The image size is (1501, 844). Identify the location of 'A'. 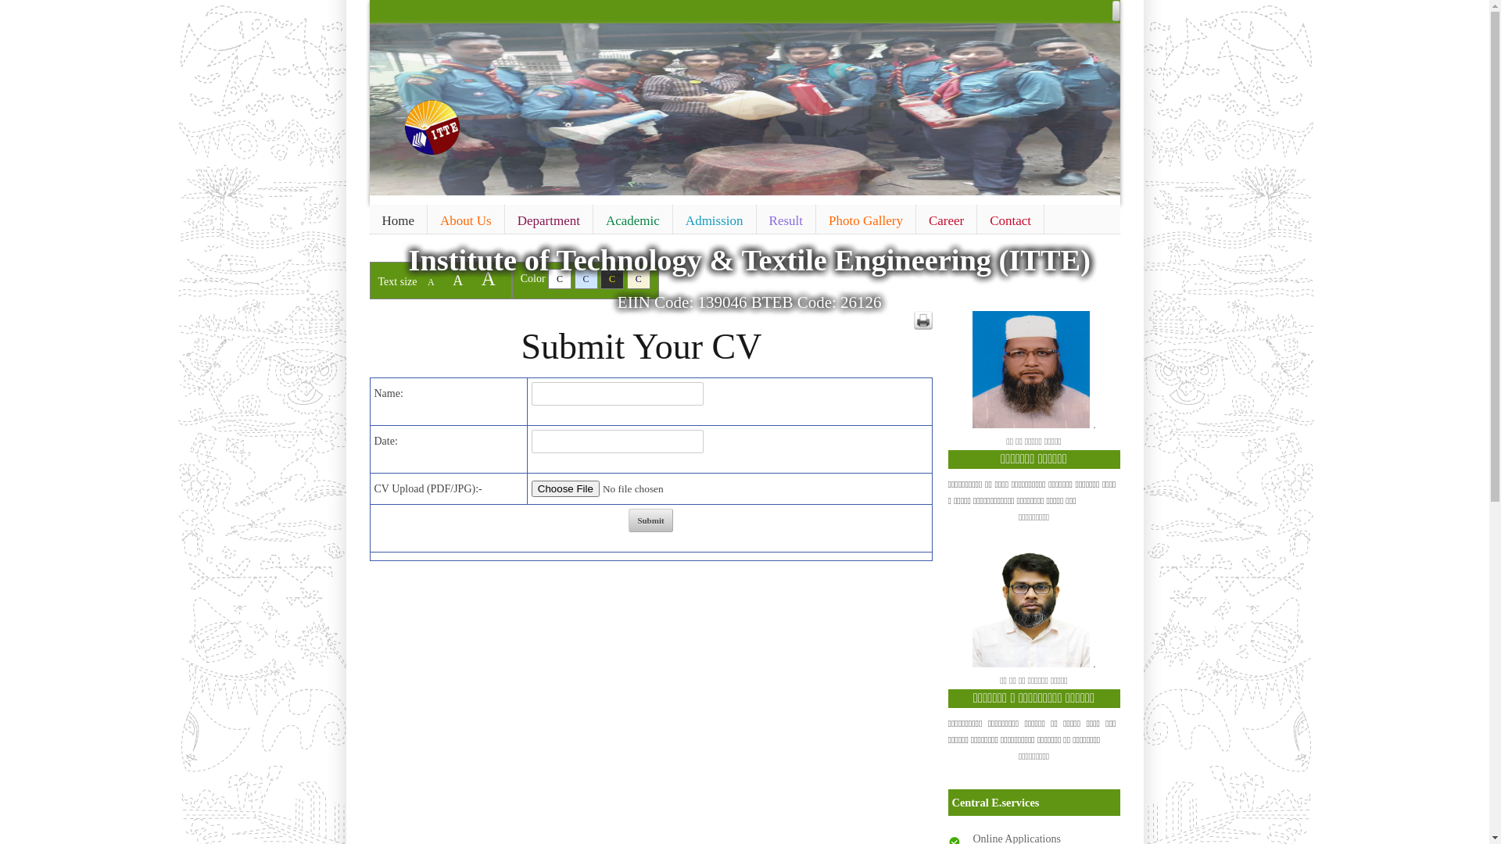
(487, 277).